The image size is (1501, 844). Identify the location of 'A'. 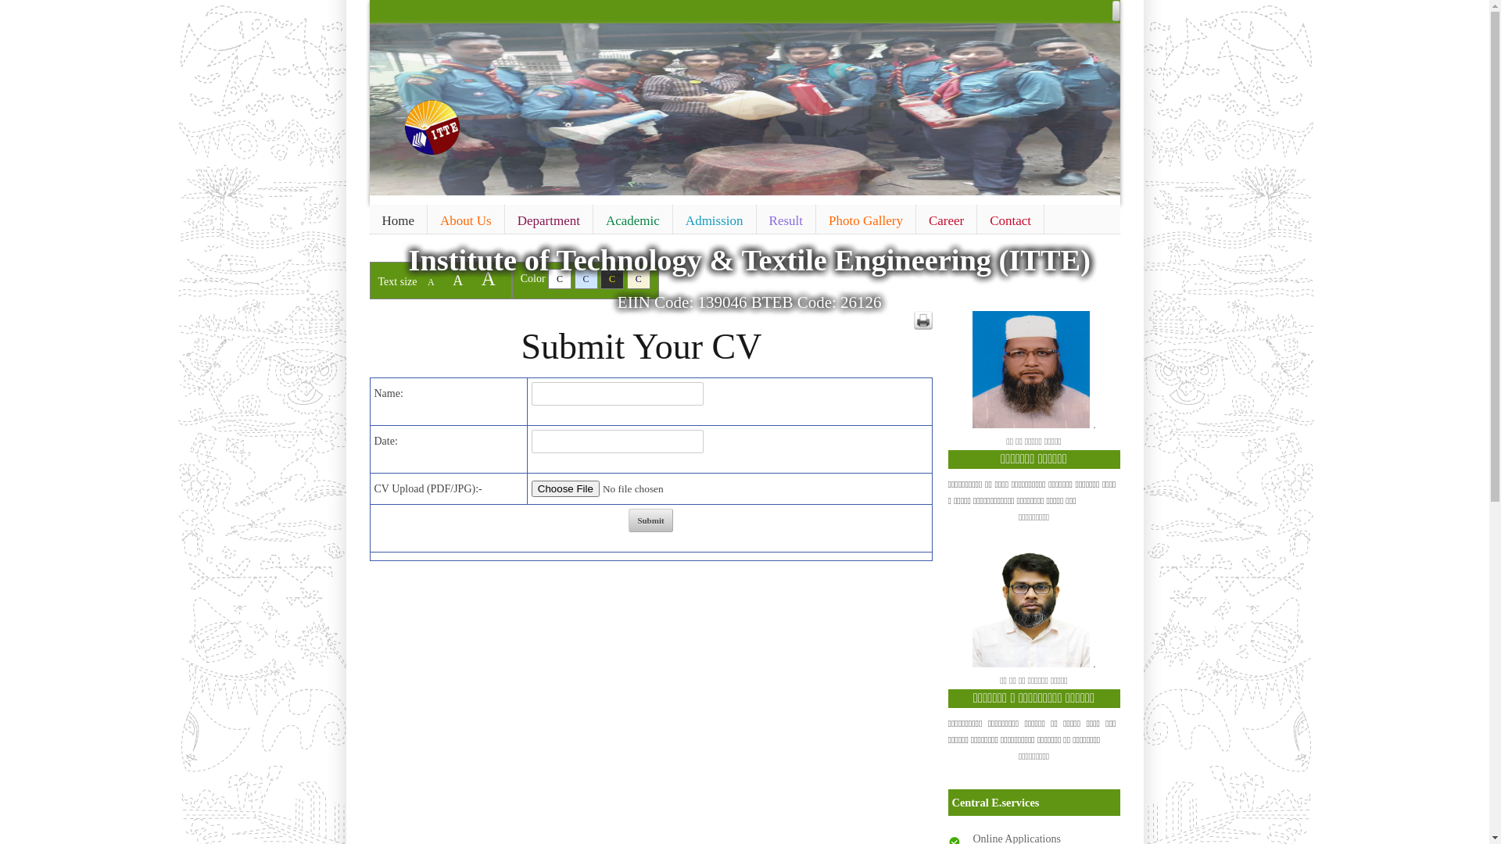
(487, 277).